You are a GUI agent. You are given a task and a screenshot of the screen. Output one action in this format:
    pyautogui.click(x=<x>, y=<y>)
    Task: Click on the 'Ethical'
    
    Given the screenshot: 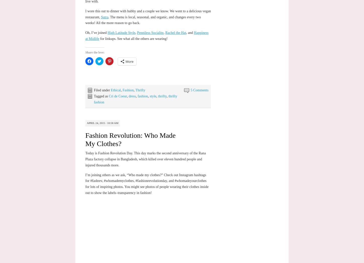 What is the action you would take?
    pyautogui.click(x=115, y=90)
    